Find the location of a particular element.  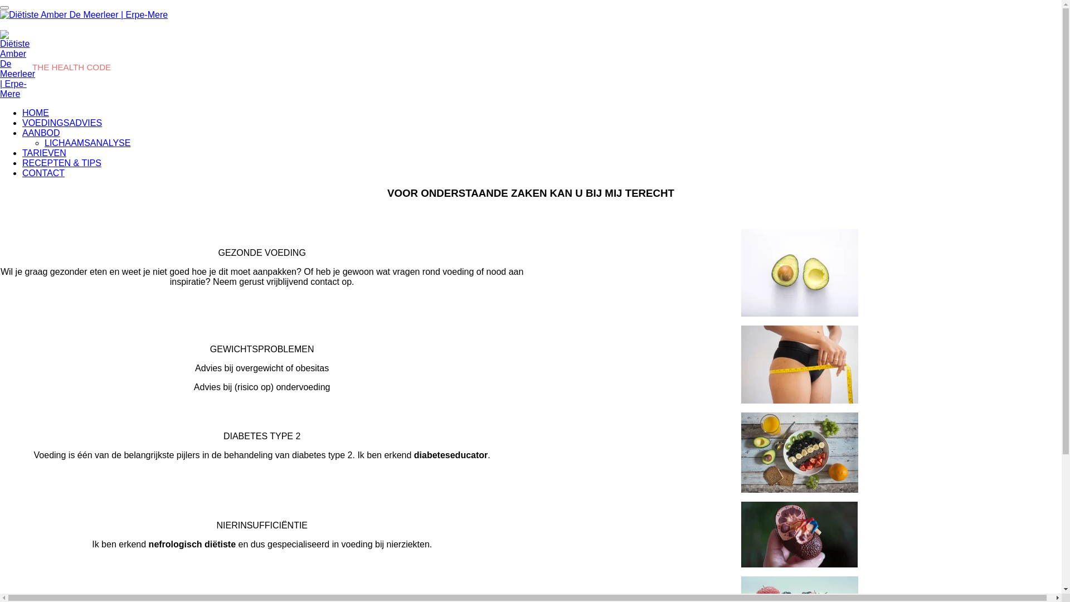

'THE HEALTH CODE' is located at coordinates (71, 67).